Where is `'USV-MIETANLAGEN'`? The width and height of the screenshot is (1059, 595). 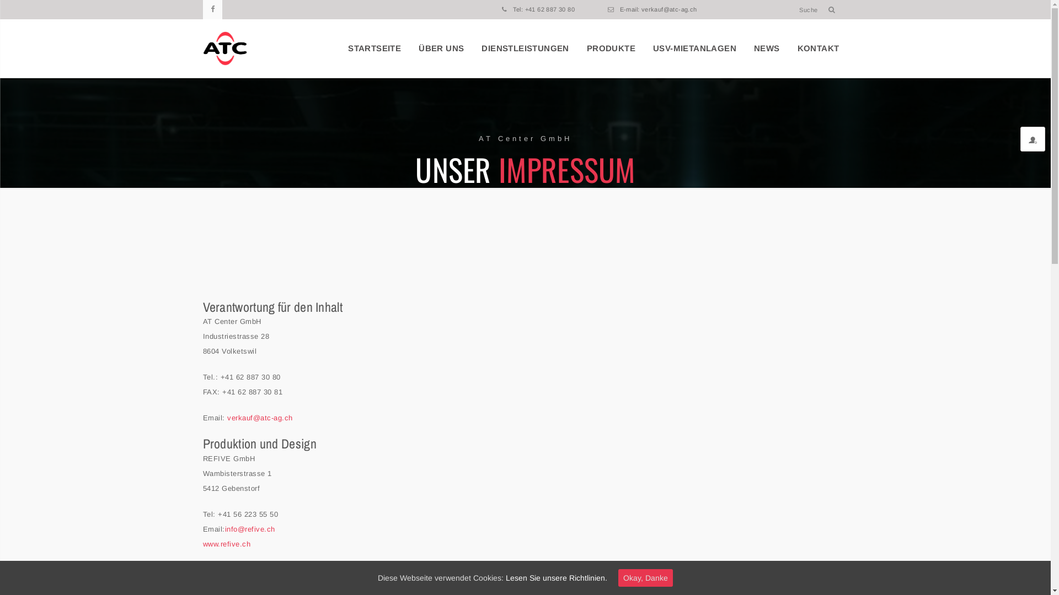
'USV-MIETANLAGEN' is located at coordinates (694, 48).